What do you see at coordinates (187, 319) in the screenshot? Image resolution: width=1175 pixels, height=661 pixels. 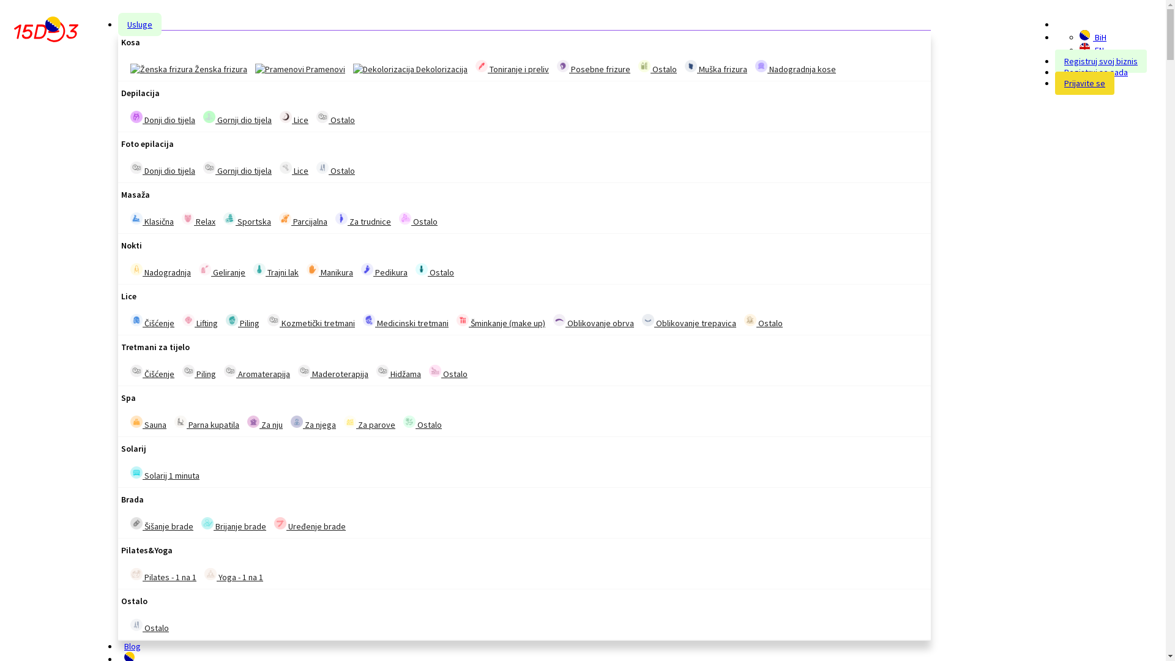 I see `'Lifting'` at bounding box center [187, 319].